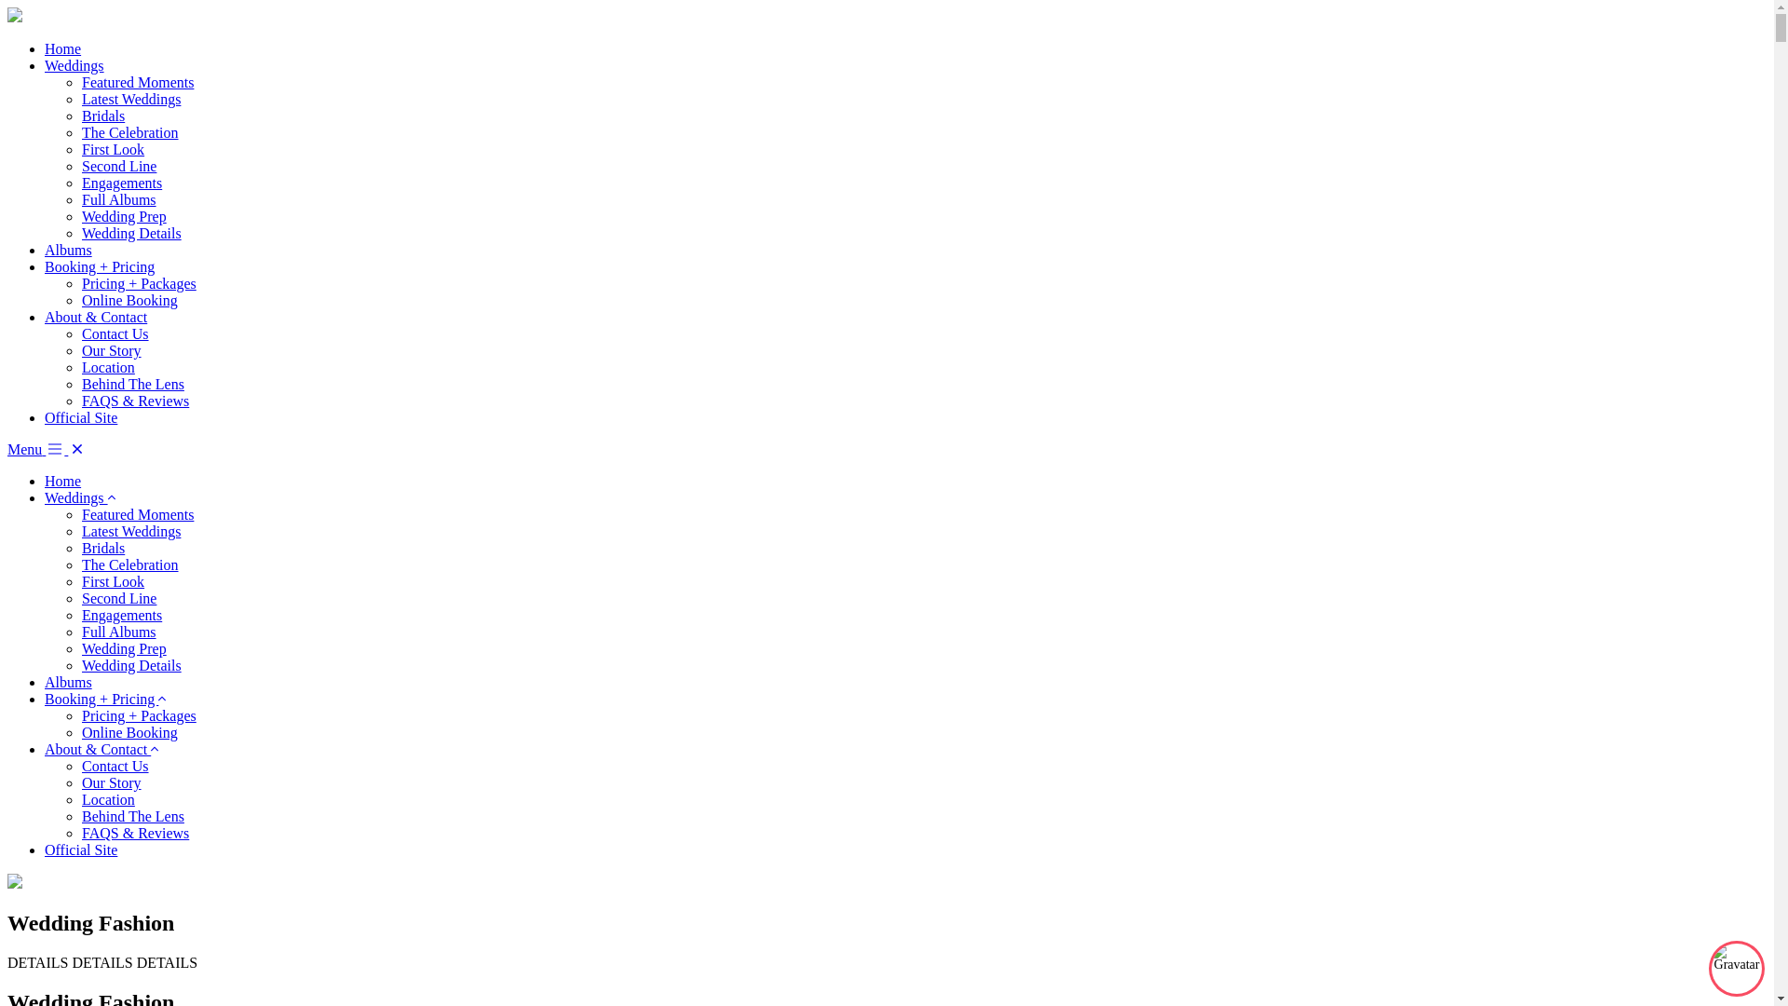  Describe the element at coordinates (37, 449) in the screenshot. I see `'Menu'` at that location.